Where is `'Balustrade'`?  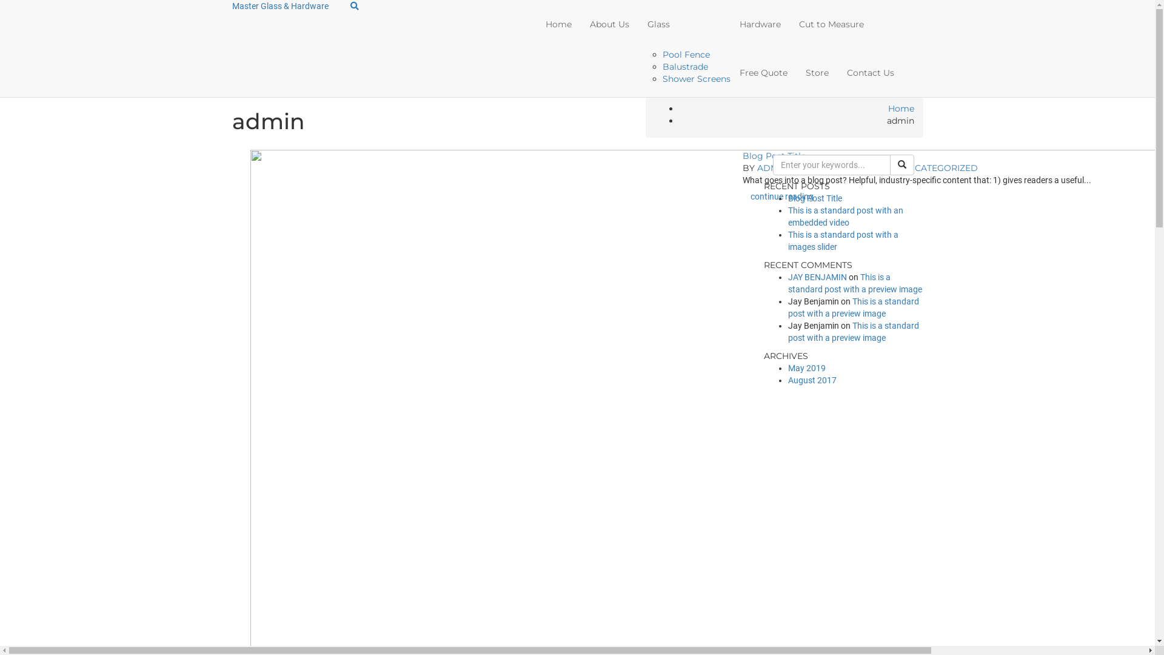
'Balustrade' is located at coordinates (685, 67).